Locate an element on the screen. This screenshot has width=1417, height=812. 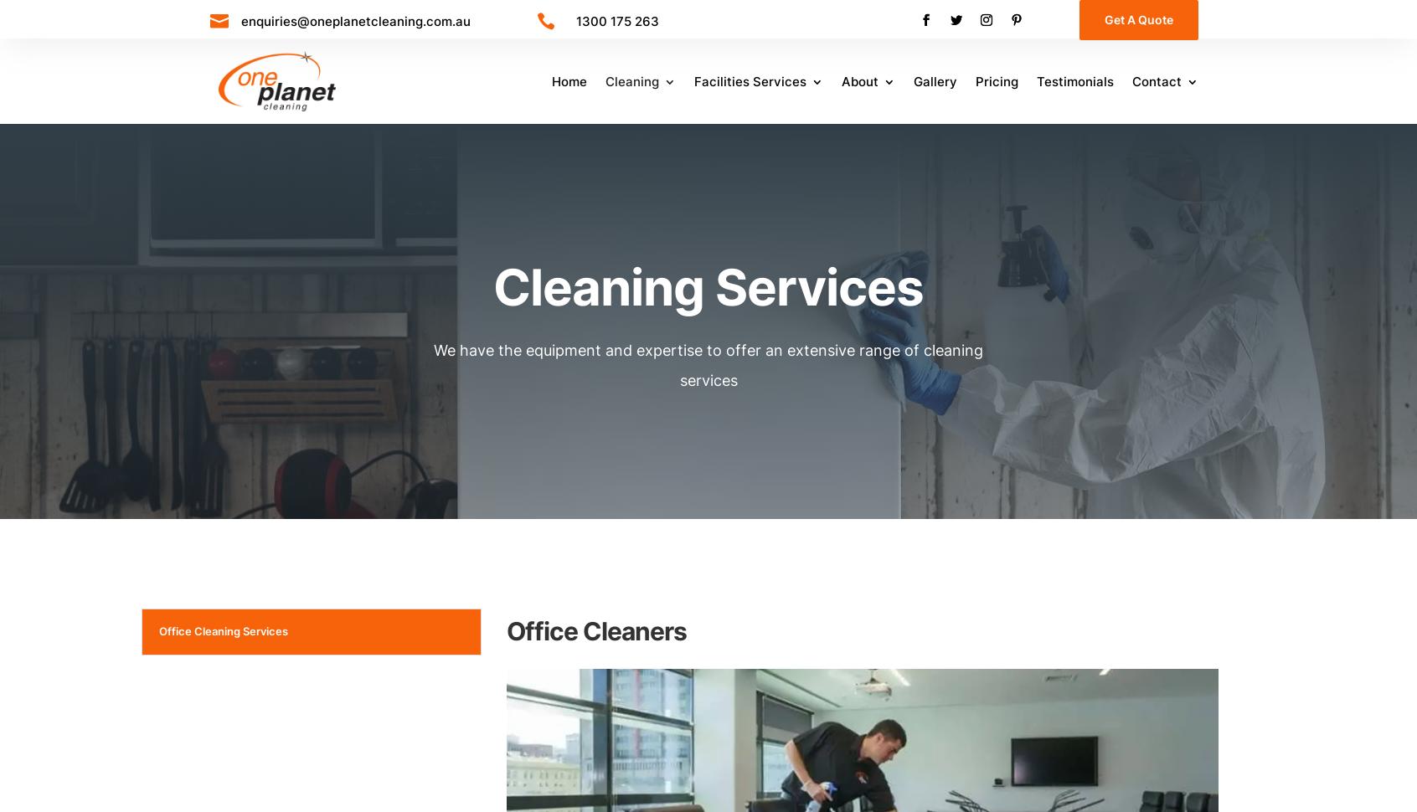
'Waste' is located at coordinates (736, 162).